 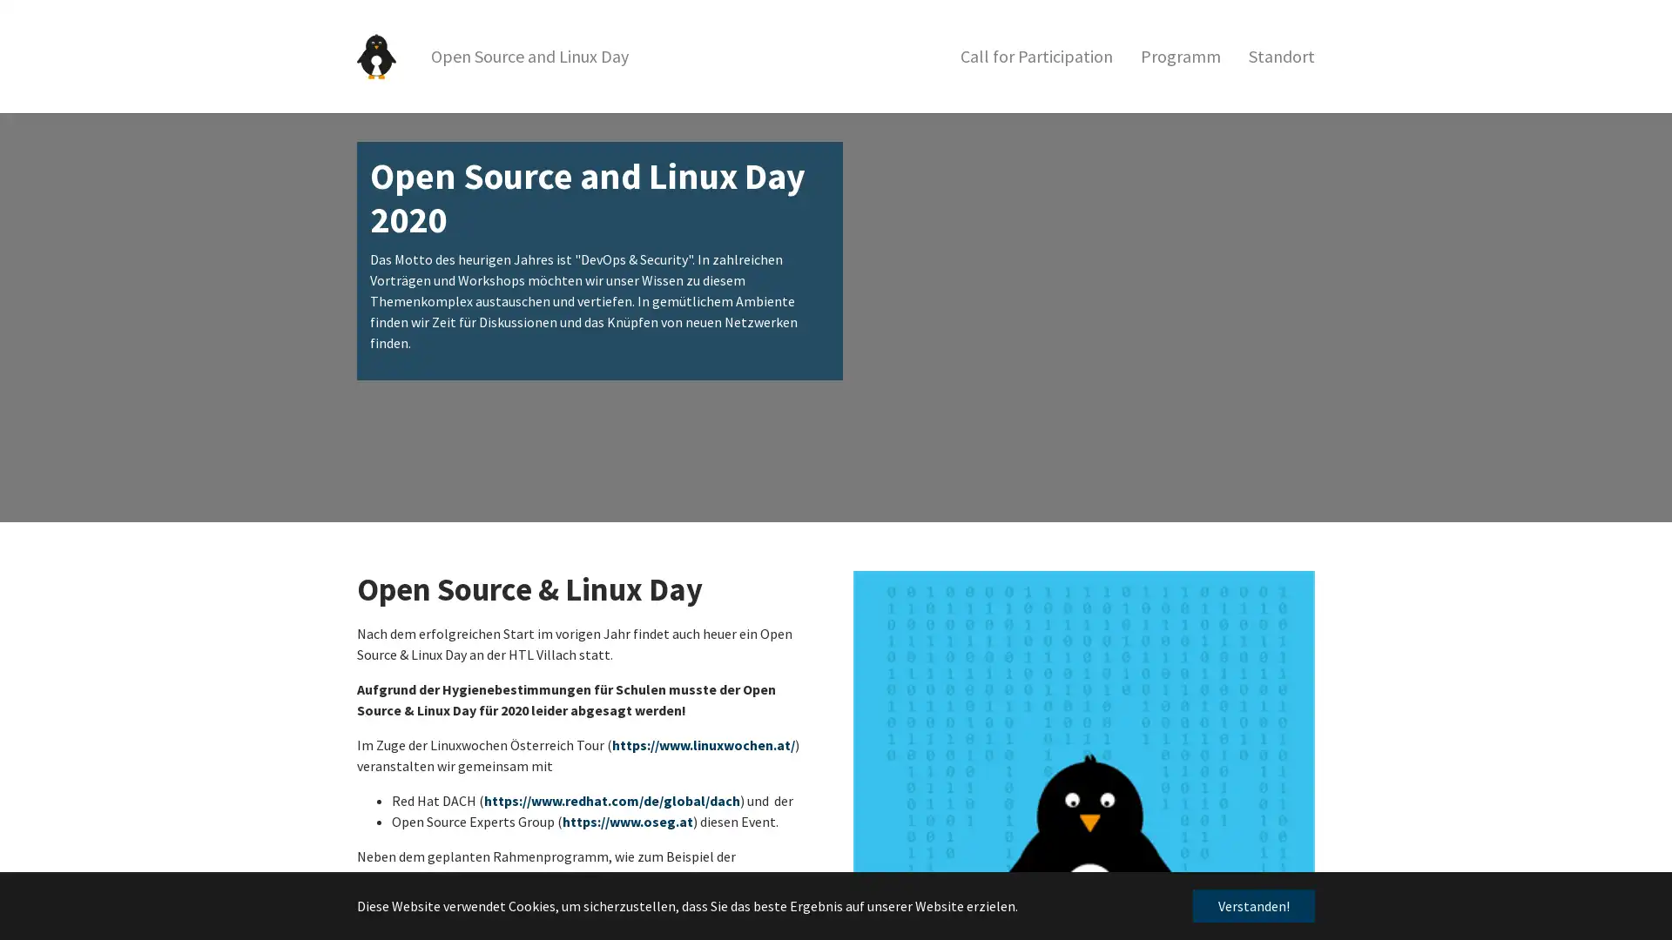 What do you see at coordinates (1254, 905) in the screenshot?
I see `dismiss cookie message` at bounding box center [1254, 905].